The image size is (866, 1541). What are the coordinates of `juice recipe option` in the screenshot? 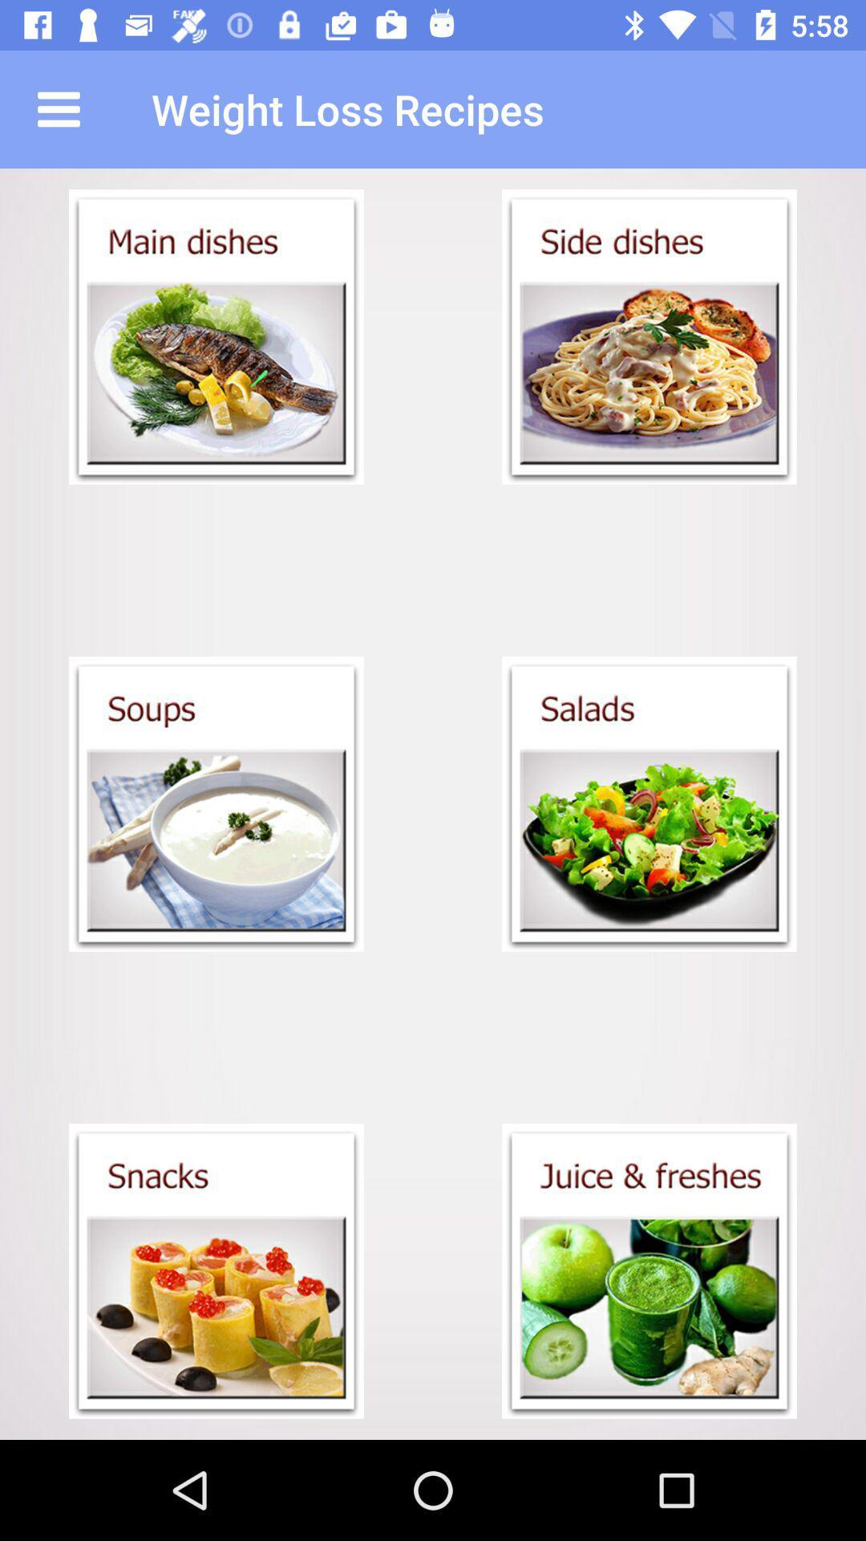 It's located at (649, 1271).